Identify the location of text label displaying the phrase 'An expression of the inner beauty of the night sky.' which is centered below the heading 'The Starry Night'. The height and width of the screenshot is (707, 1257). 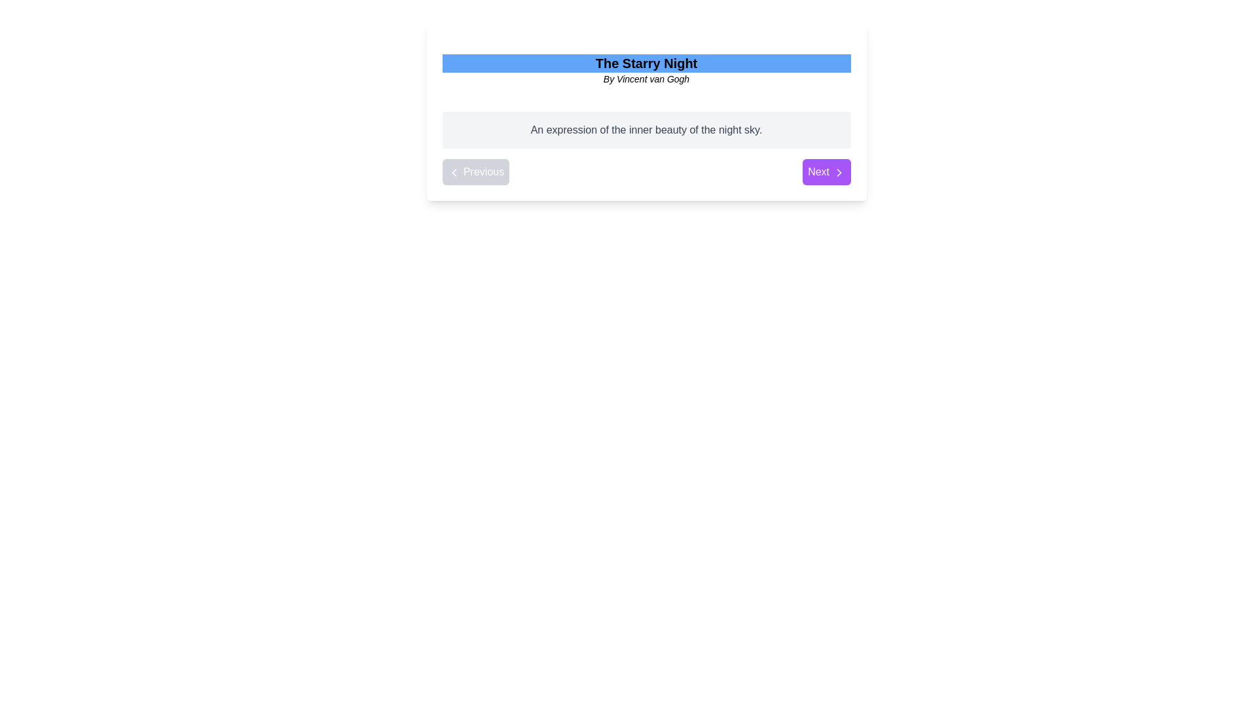
(646, 130).